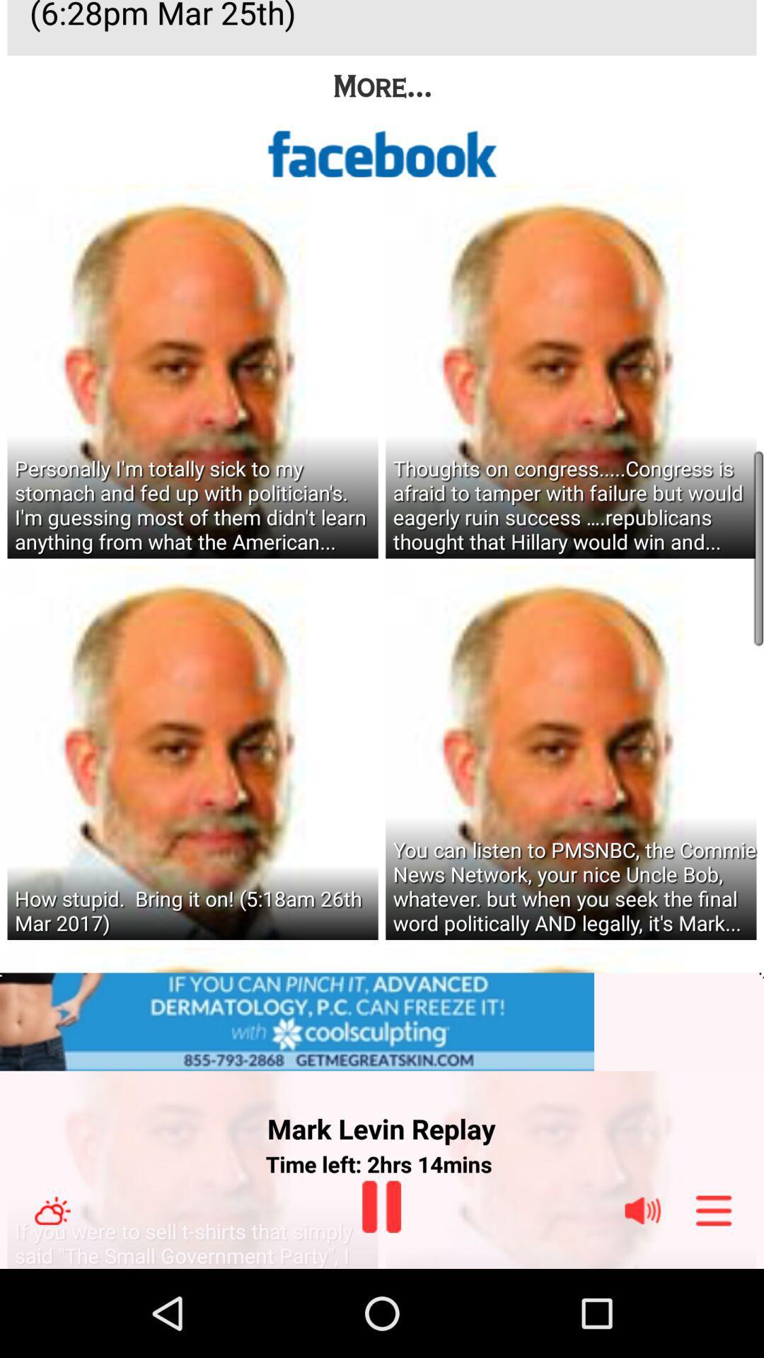  I want to click on the weather icon, so click(52, 1296).